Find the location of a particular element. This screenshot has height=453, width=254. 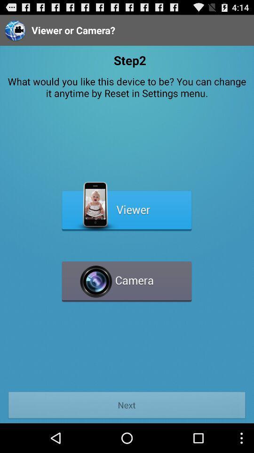

open viewer is located at coordinates (127, 207).